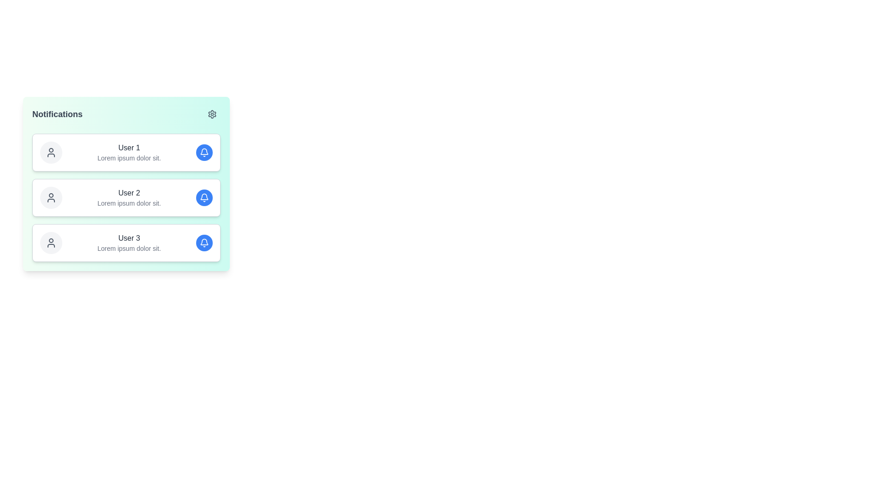 The height and width of the screenshot is (498, 886). What do you see at coordinates (204, 152) in the screenshot?
I see `the circular blue button with a white bell icon located in the notification panel` at bounding box center [204, 152].